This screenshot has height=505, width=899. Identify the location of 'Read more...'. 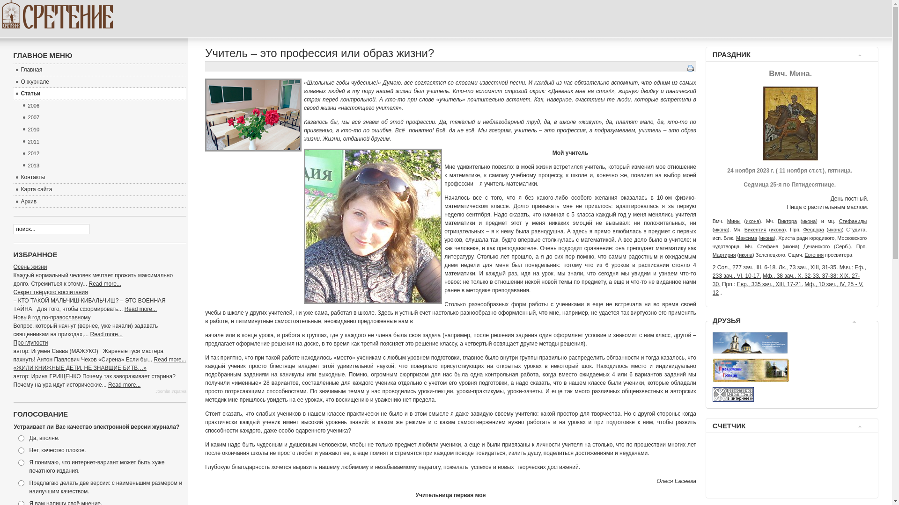
(106, 333).